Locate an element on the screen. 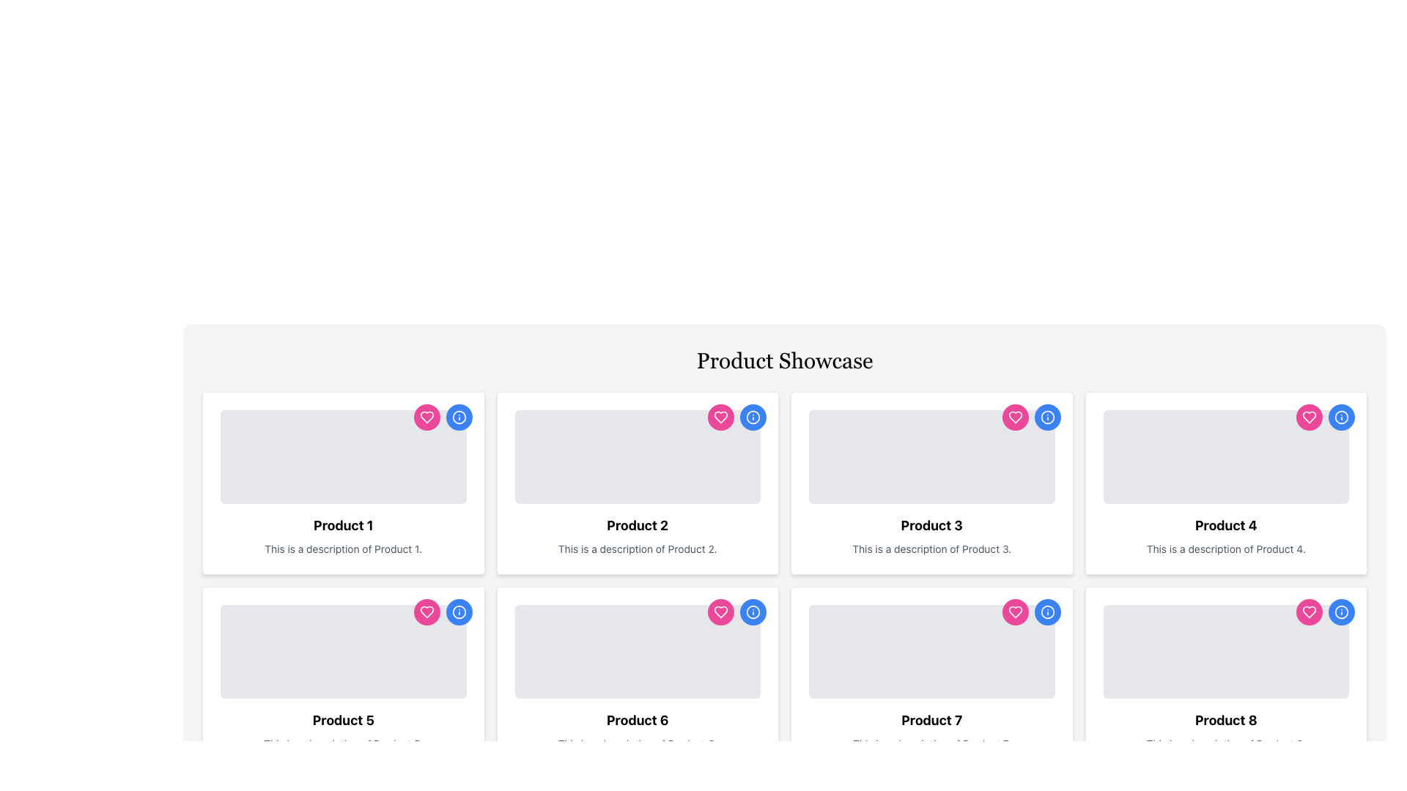 The width and height of the screenshot is (1407, 791). the 'like' or 'favorite' button located in the top-right corner of the Product 7 card is located at coordinates (1014, 612).